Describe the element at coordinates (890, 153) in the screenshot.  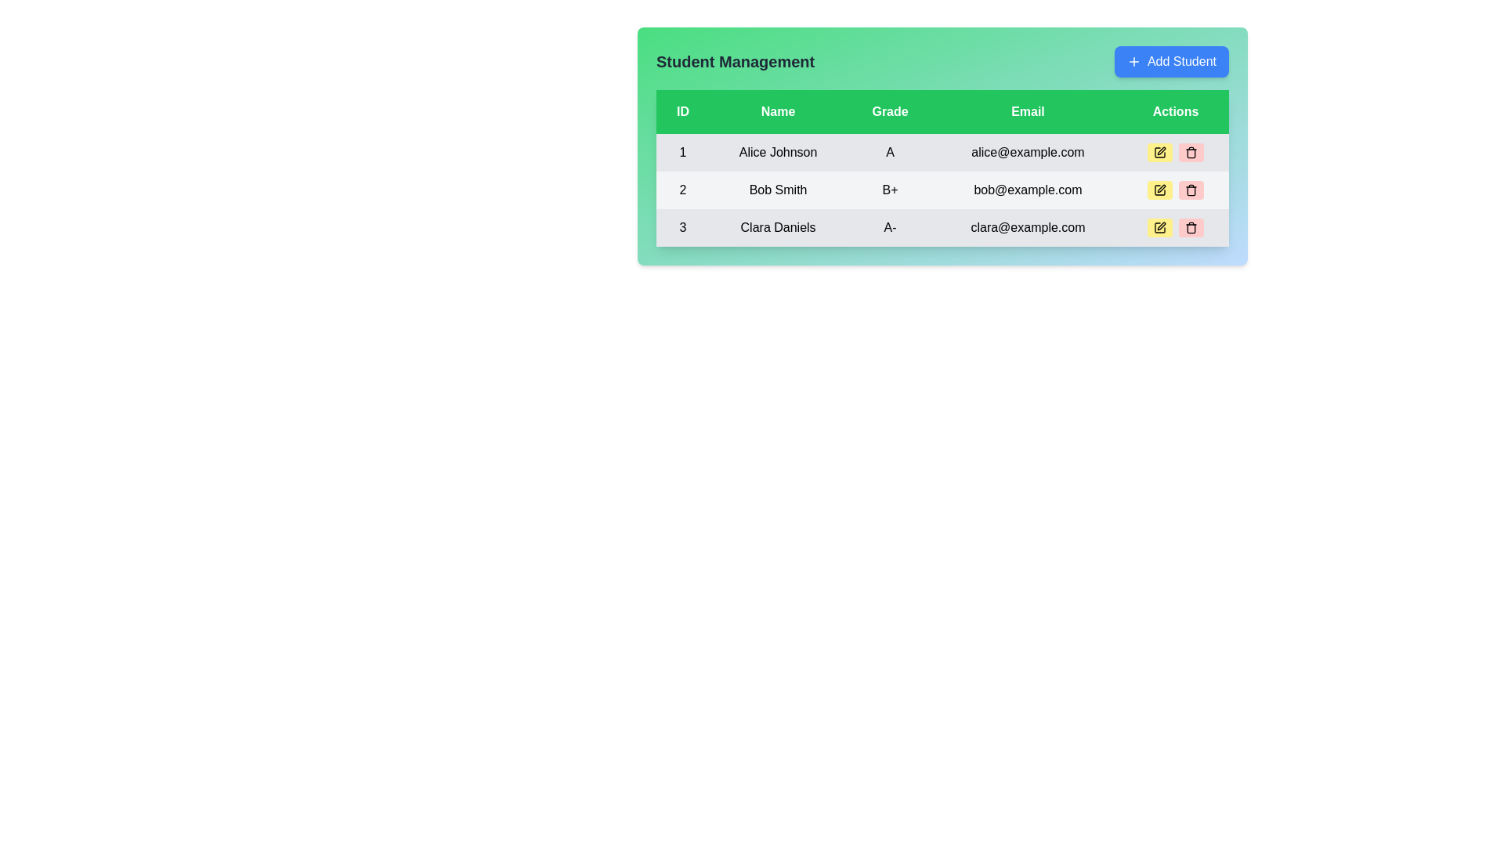
I see `the text display showing the grade value for the student 'Alice Johnson'` at that location.